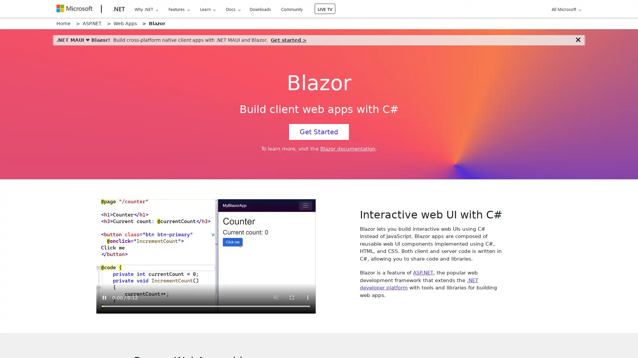 Image resolution: width=638 pixels, height=358 pixels. What do you see at coordinates (319, 132) in the screenshot?
I see `Get Started` at bounding box center [319, 132].